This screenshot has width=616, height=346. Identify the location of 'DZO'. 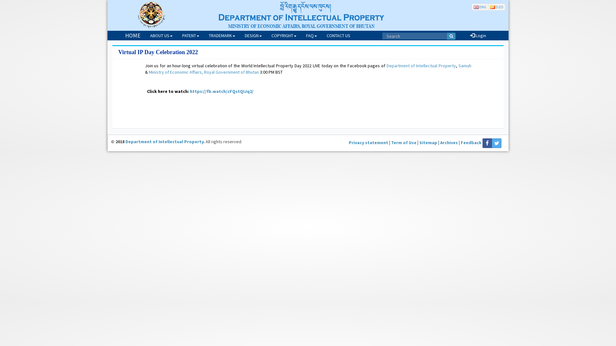
(496, 7).